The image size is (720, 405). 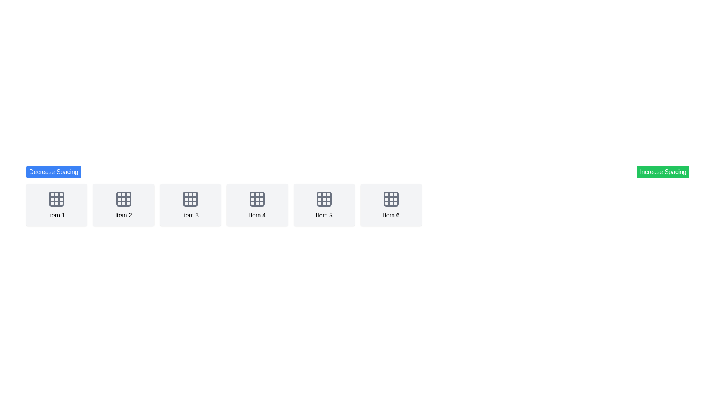 I want to click on the small rounded rectangular interactive component in the grid icon layout associated with 'Item 6', so click(x=391, y=199).